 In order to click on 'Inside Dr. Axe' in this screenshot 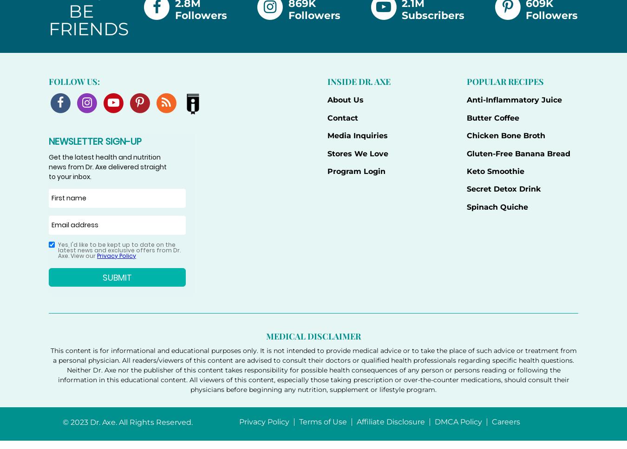, I will do `click(358, 81)`.